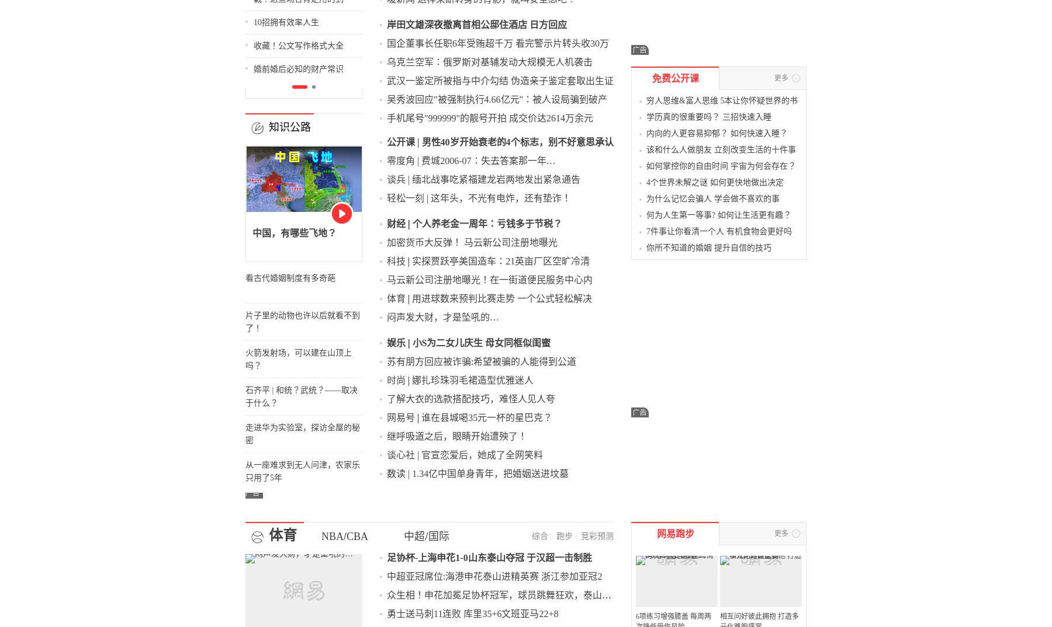  What do you see at coordinates (543, 12) in the screenshot?
I see `'手机尾号"999999"的靓号开拍 成交价达2614万余元'` at bounding box center [543, 12].